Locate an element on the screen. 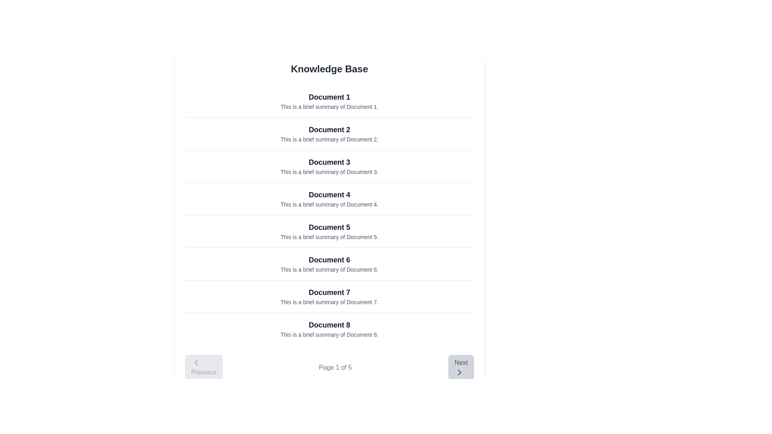 The height and width of the screenshot is (434, 772). the text block titled 'Document 8' which contains a description of 'This is a brief summary of Document 8.' This element is the eighth in a vertical list and is located near the bottom of the visible area is located at coordinates (329, 329).